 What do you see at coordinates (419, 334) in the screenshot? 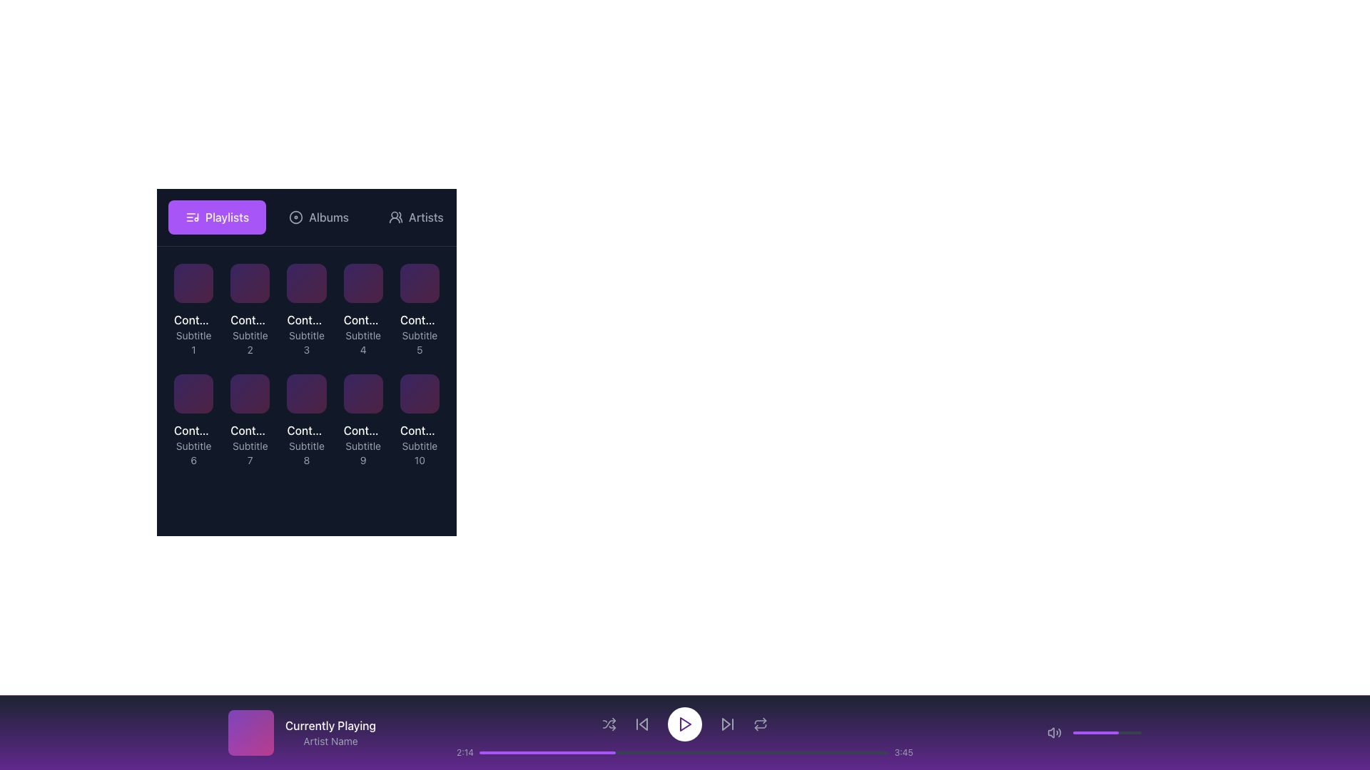
I see `the textual display element containing the title 'Content Title 5' and subtitle 'Subtitle 5' to interact with related features` at bounding box center [419, 334].